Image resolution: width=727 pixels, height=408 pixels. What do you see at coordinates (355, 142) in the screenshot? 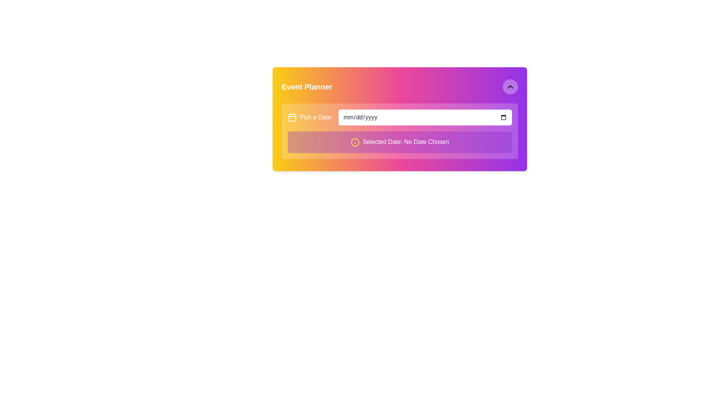
I see `the circular graphical icon element located in the lower section of the card-like user interface that signifies importance or additional information related to the message stating 'Selected Date: No Date Chosen'` at bounding box center [355, 142].